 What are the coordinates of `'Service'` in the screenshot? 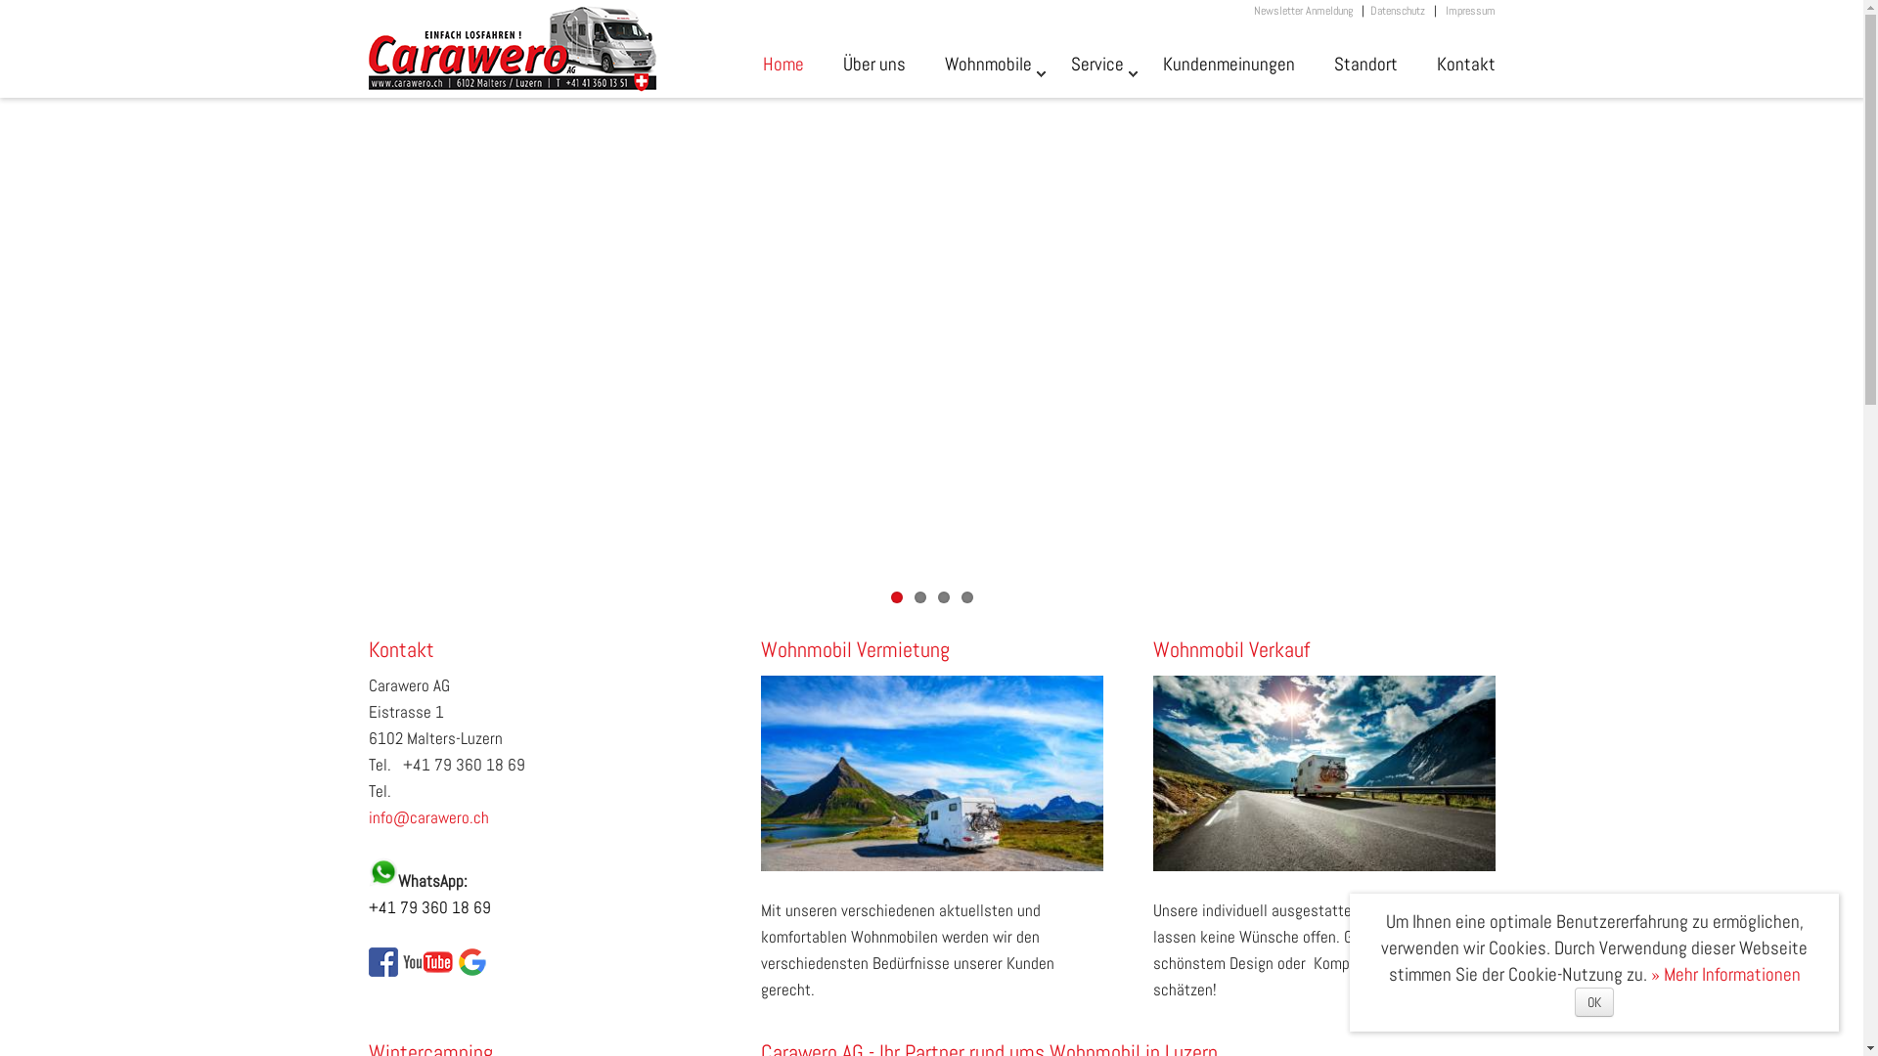 It's located at (1096, 73).